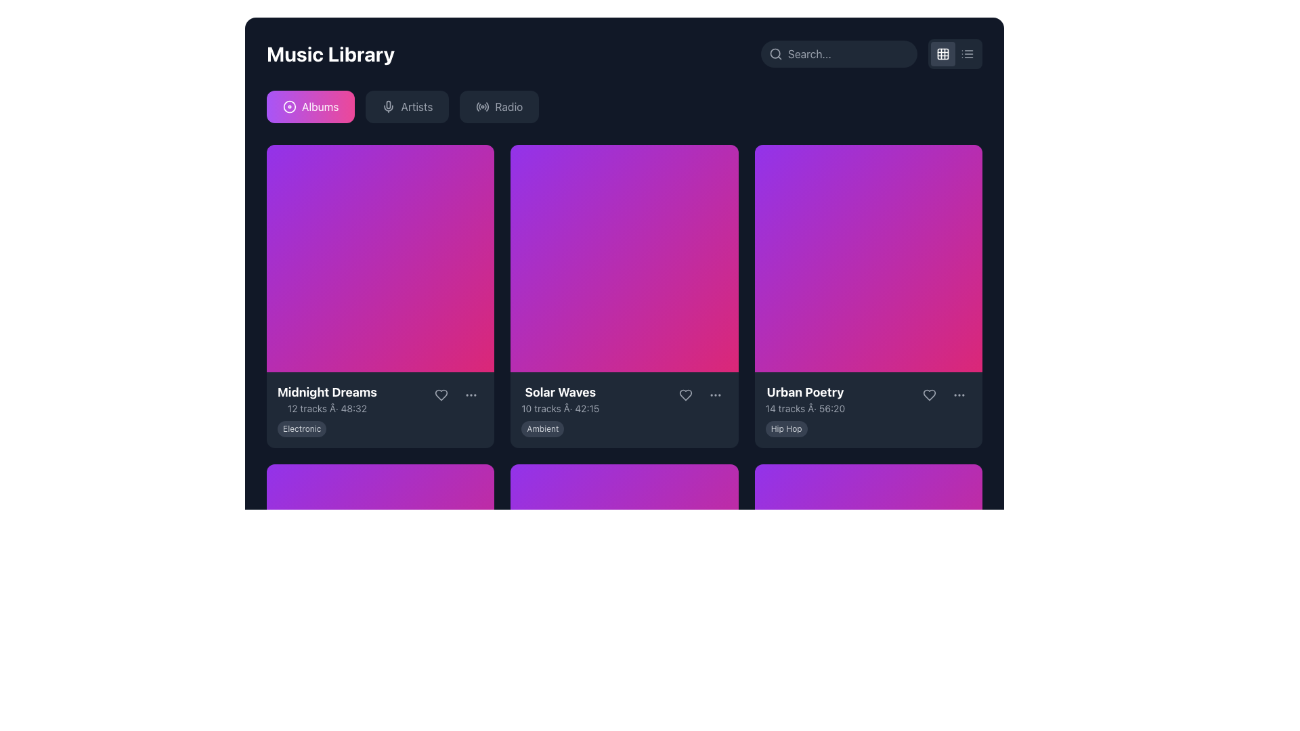 The height and width of the screenshot is (731, 1300). What do you see at coordinates (967, 53) in the screenshot?
I see `the dark background button with a light-gray stroke icon resembling a list view layout, located at the top-right corner of the interface, adjacent` at bounding box center [967, 53].